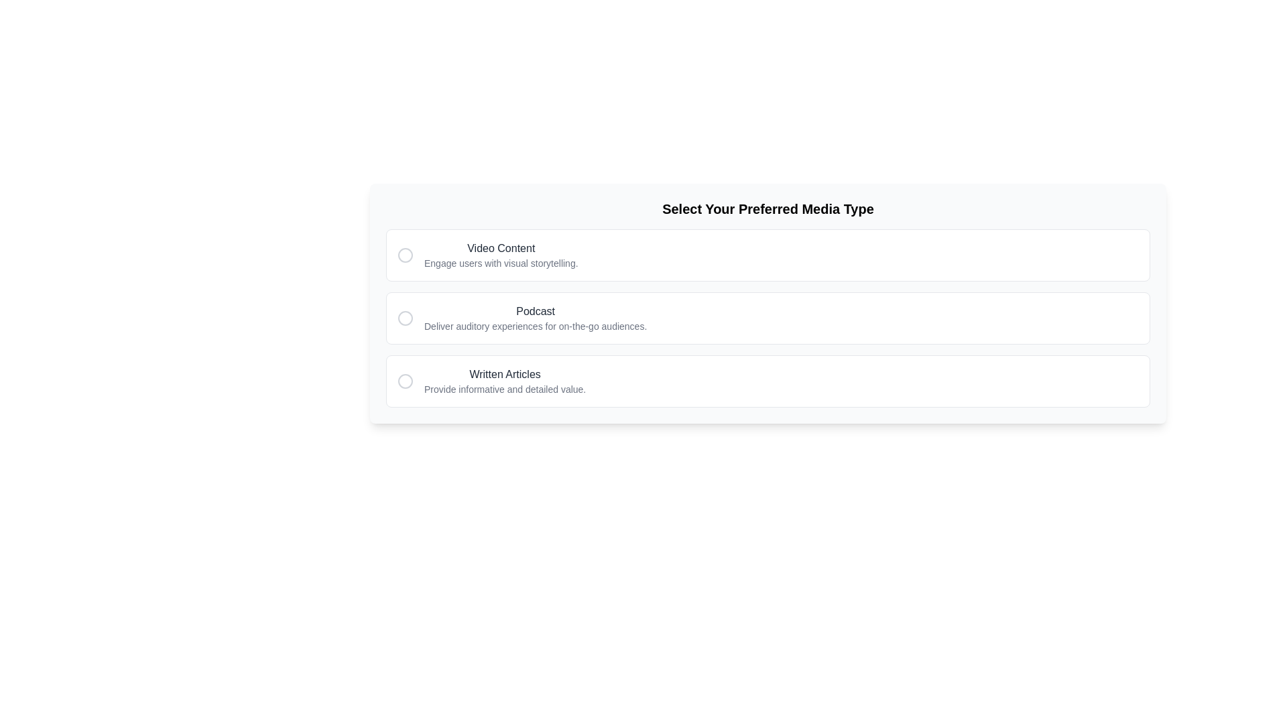  What do you see at coordinates (404, 381) in the screenshot?
I see `the unselected radio button with a gray border and white fill located in the 'Written Articles' selection card` at bounding box center [404, 381].